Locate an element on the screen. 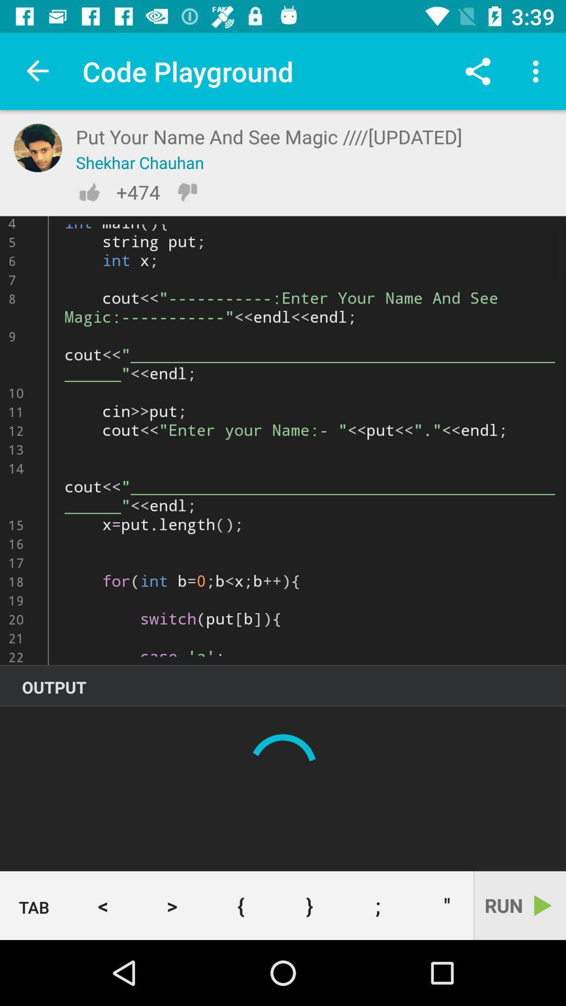  the thumbs_down icon is located at coordinates (187, 192).